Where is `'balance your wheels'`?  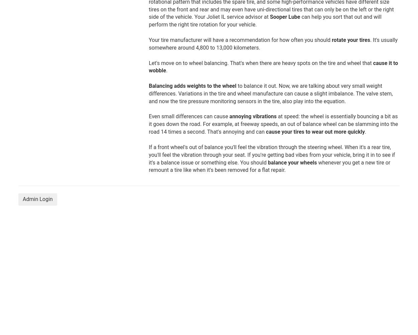
'balance your wheels' is located at coordinates (268, 162).